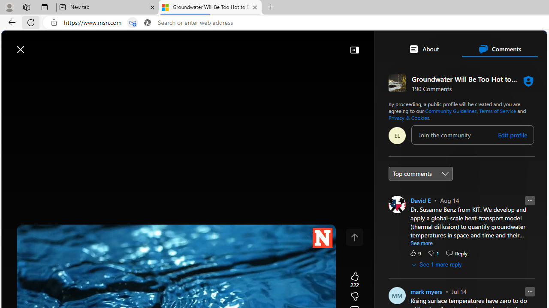 The height and width of the screenshot is (308, 549). What do you see at coordinates (420, 173) in the screenshot?
I see `'Sort comments by'` at bounding box center [420, 173].